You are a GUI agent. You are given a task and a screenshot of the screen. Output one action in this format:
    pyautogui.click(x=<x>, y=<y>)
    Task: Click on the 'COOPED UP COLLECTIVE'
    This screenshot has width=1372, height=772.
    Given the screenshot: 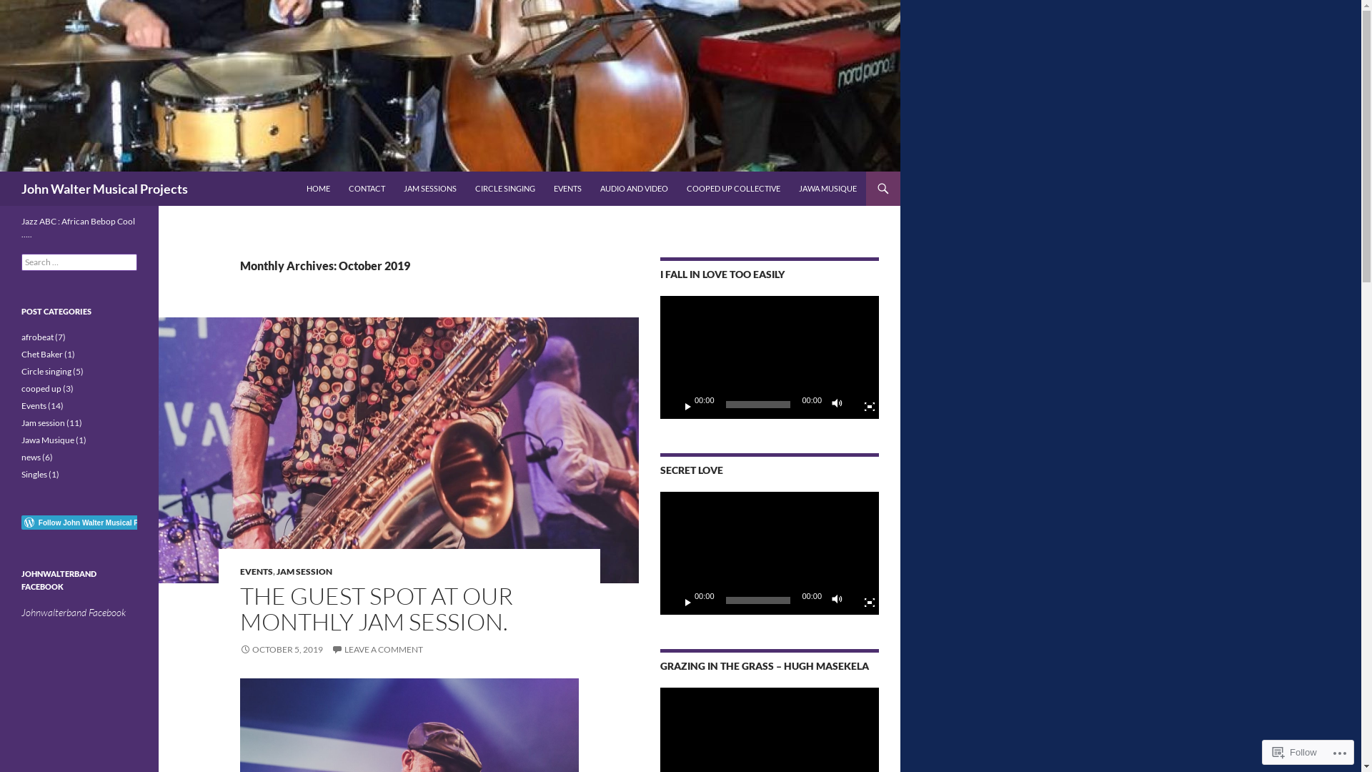 What is the action you would take?
    pyautogui.click(x=733, y=187)
    